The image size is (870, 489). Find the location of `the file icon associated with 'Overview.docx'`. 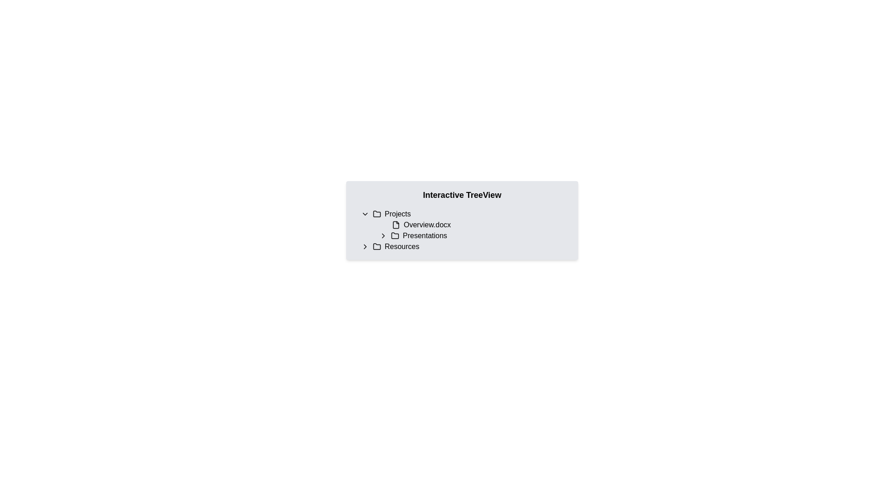

the file icon associated with 'Overview.docx' is located at coordinates (396, 225).